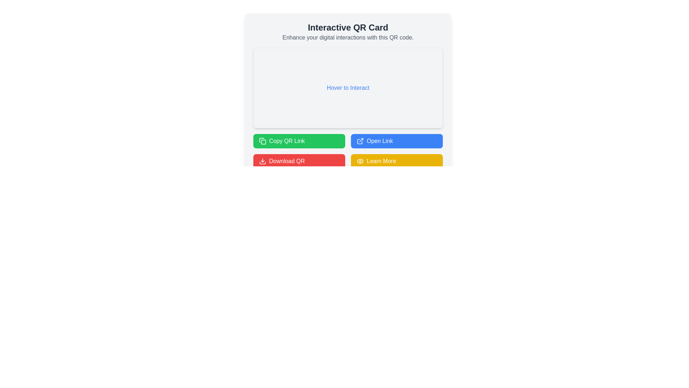 The height and width of the screenshot is (388, 689). What do you see at coordinates (261, 140) in the screenshot?
I see `the graphical icon representing the copy functionality, which is located between the 'Copy QR Link' button and the 'Open Link' button in the top-right corner of the interface` at bounding box center [261, 140].